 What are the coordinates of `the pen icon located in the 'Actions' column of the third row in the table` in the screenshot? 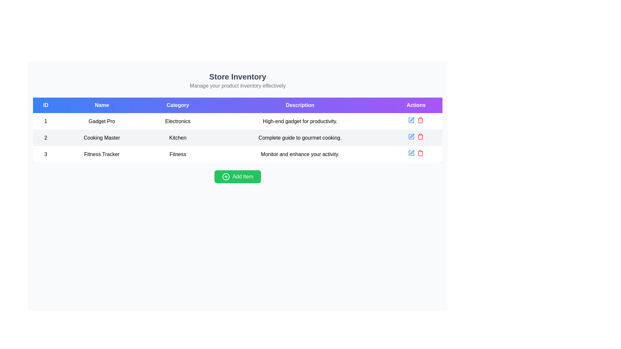 It's located at (412, 152).